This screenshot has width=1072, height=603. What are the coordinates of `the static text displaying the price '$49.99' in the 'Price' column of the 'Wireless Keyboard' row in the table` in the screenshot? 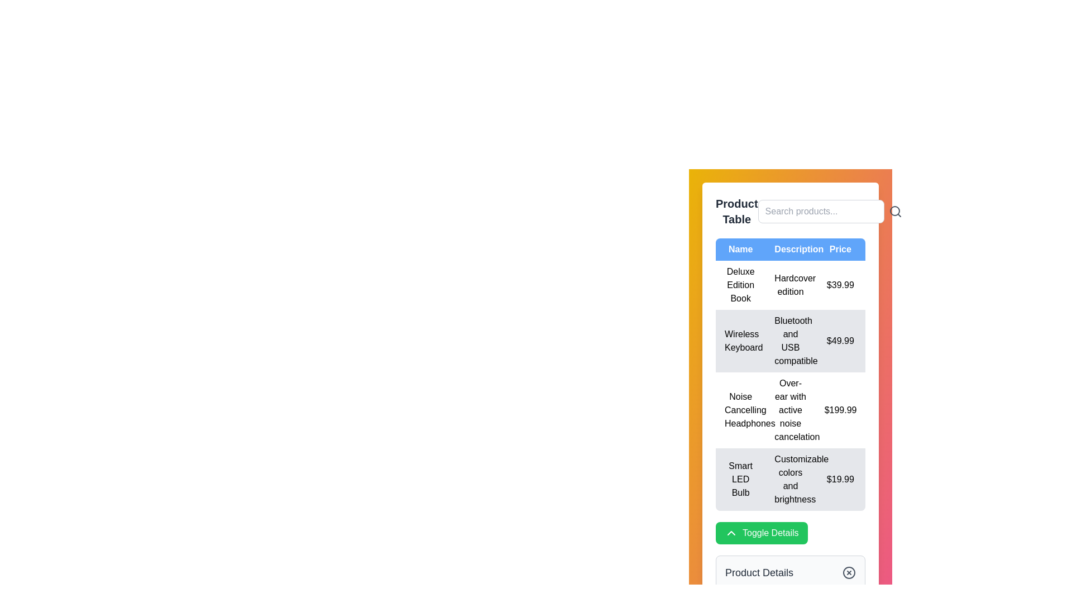 It's located at (840, 340).